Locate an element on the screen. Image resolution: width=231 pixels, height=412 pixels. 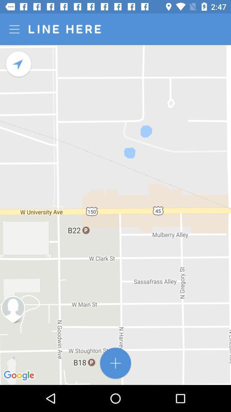
the icon at the center is located at coordinates (115, 215).